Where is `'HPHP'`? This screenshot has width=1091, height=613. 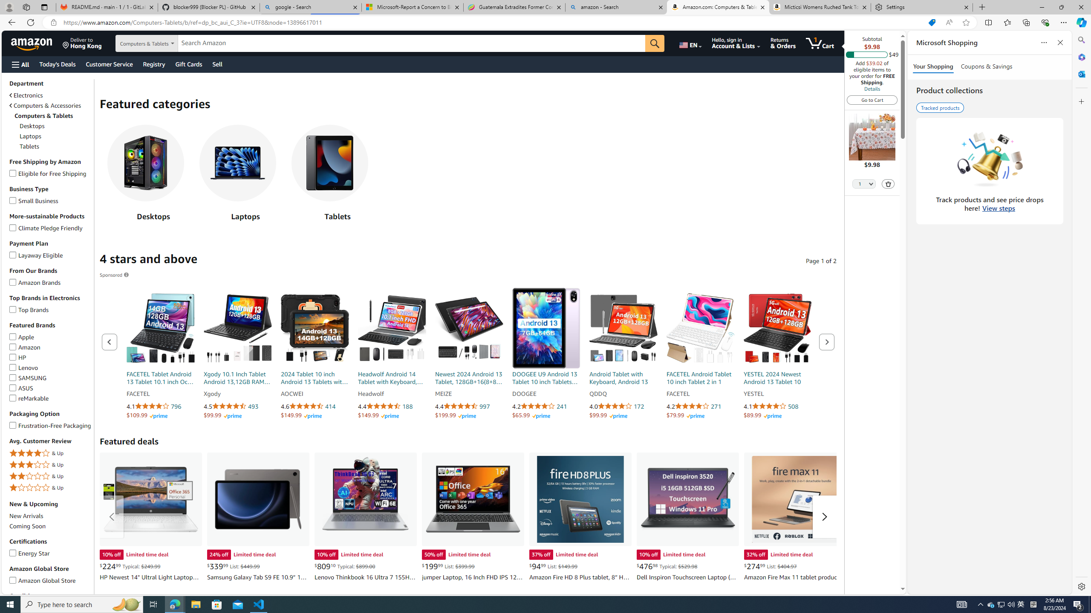
'HPHP' is located at coordinates (50, 357).